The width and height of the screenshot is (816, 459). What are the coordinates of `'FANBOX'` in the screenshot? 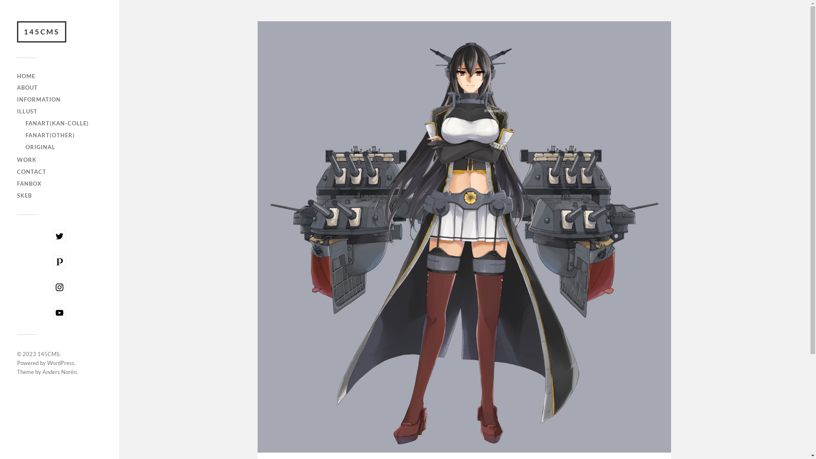 It's located at (29, 183).